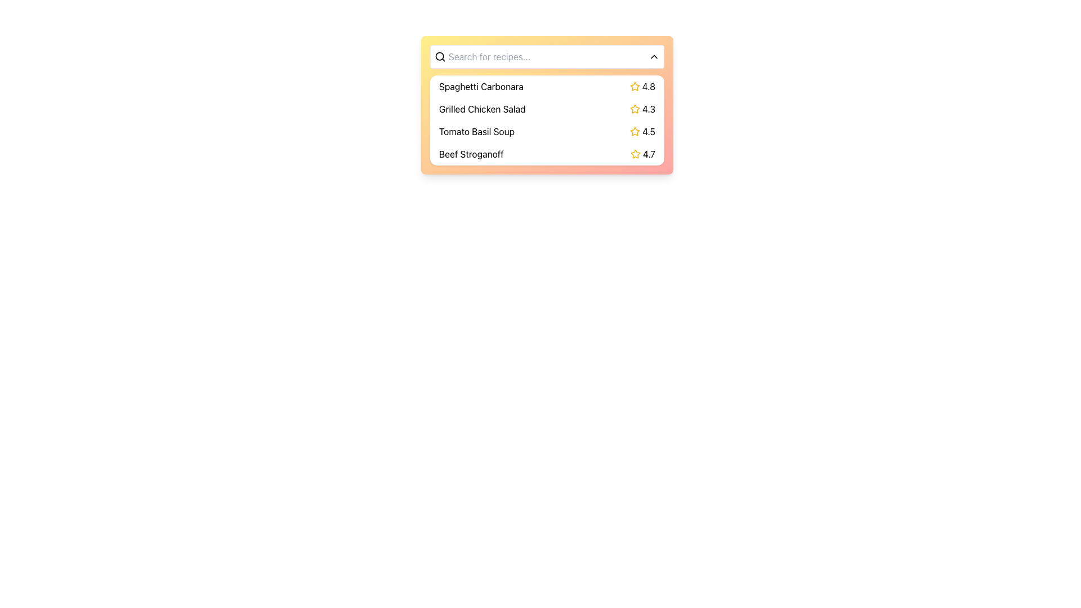  What do you see at coordinates (635, 154) in the screenshot?
I see `the fourth star icon representing the rating for 'Beef Stroganoff' in the dropdown interface` at bounding box center [635, 154].